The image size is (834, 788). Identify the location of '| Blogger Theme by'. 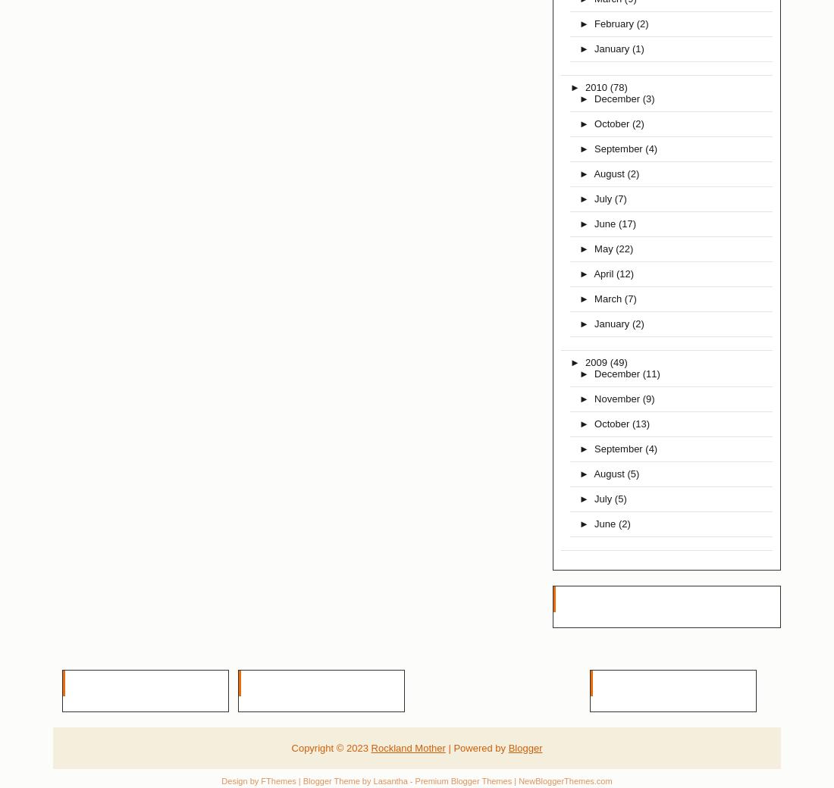
(333, 780).